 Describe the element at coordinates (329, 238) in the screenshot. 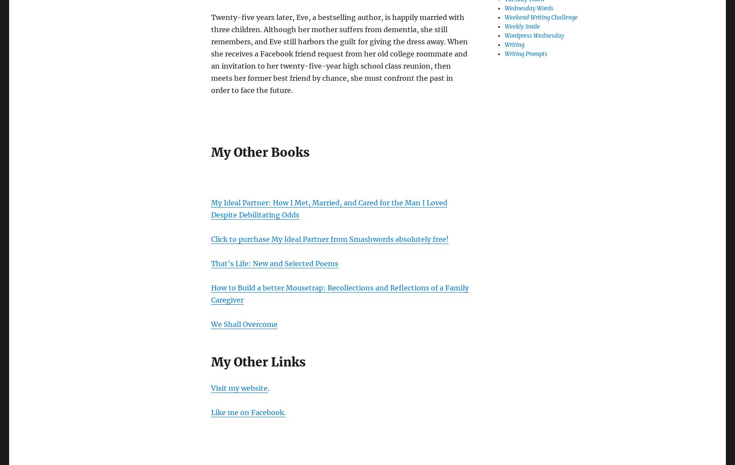

I see `'Click to purchase My Ideal Partner from Smashwords absolutely free!'` at that location.